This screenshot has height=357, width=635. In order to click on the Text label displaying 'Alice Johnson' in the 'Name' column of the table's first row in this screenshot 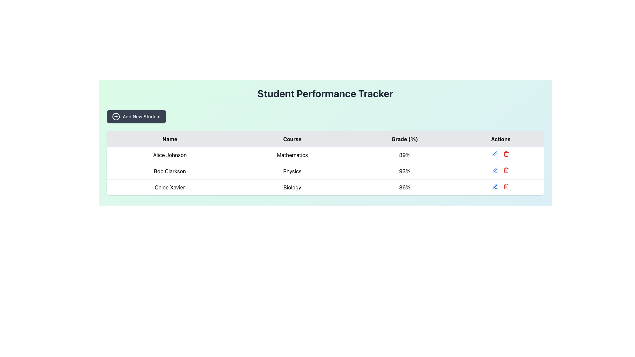, I will do `click(170, 155)`.